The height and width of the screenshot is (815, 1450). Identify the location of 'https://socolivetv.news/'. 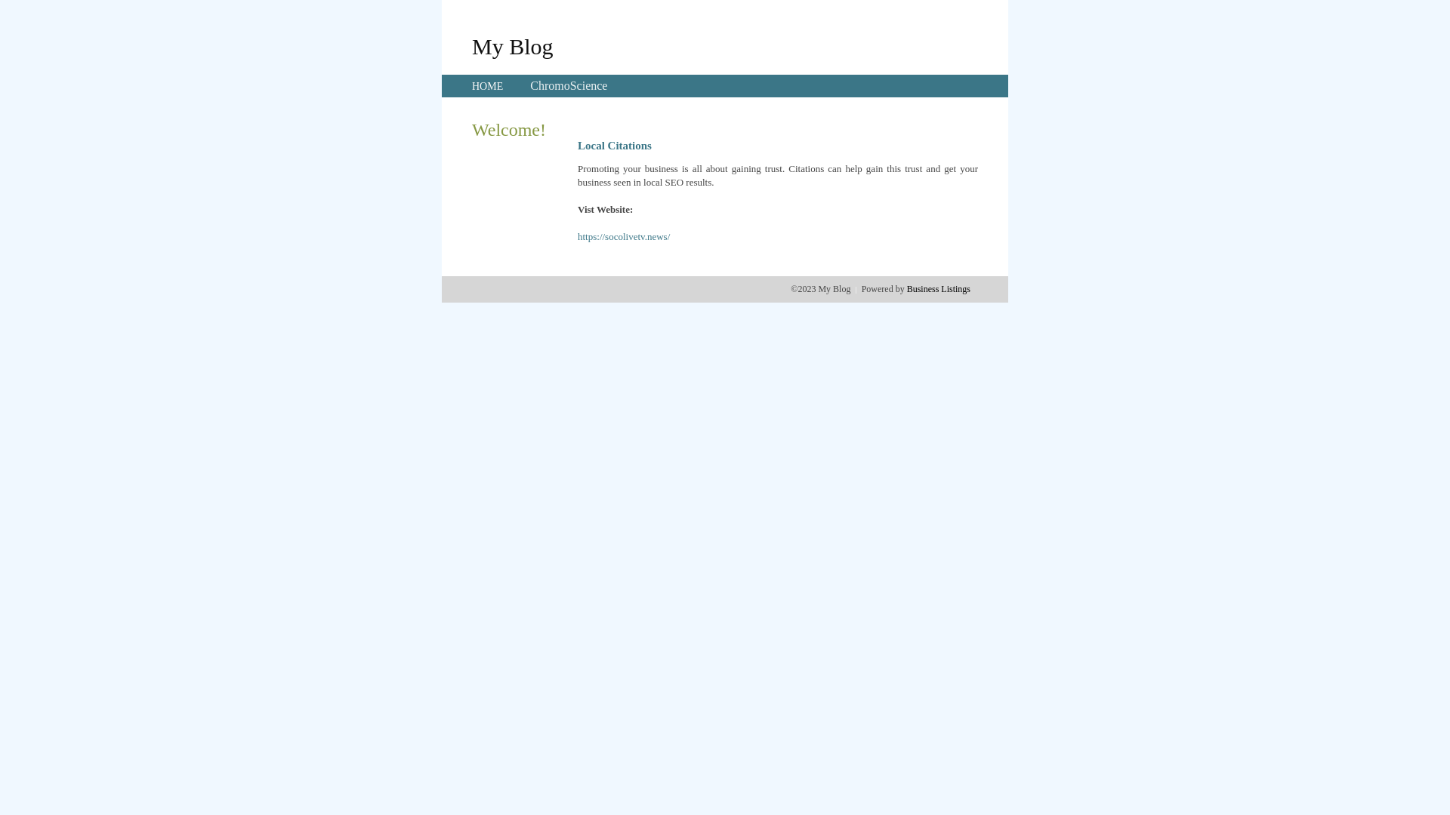
(576, 236).